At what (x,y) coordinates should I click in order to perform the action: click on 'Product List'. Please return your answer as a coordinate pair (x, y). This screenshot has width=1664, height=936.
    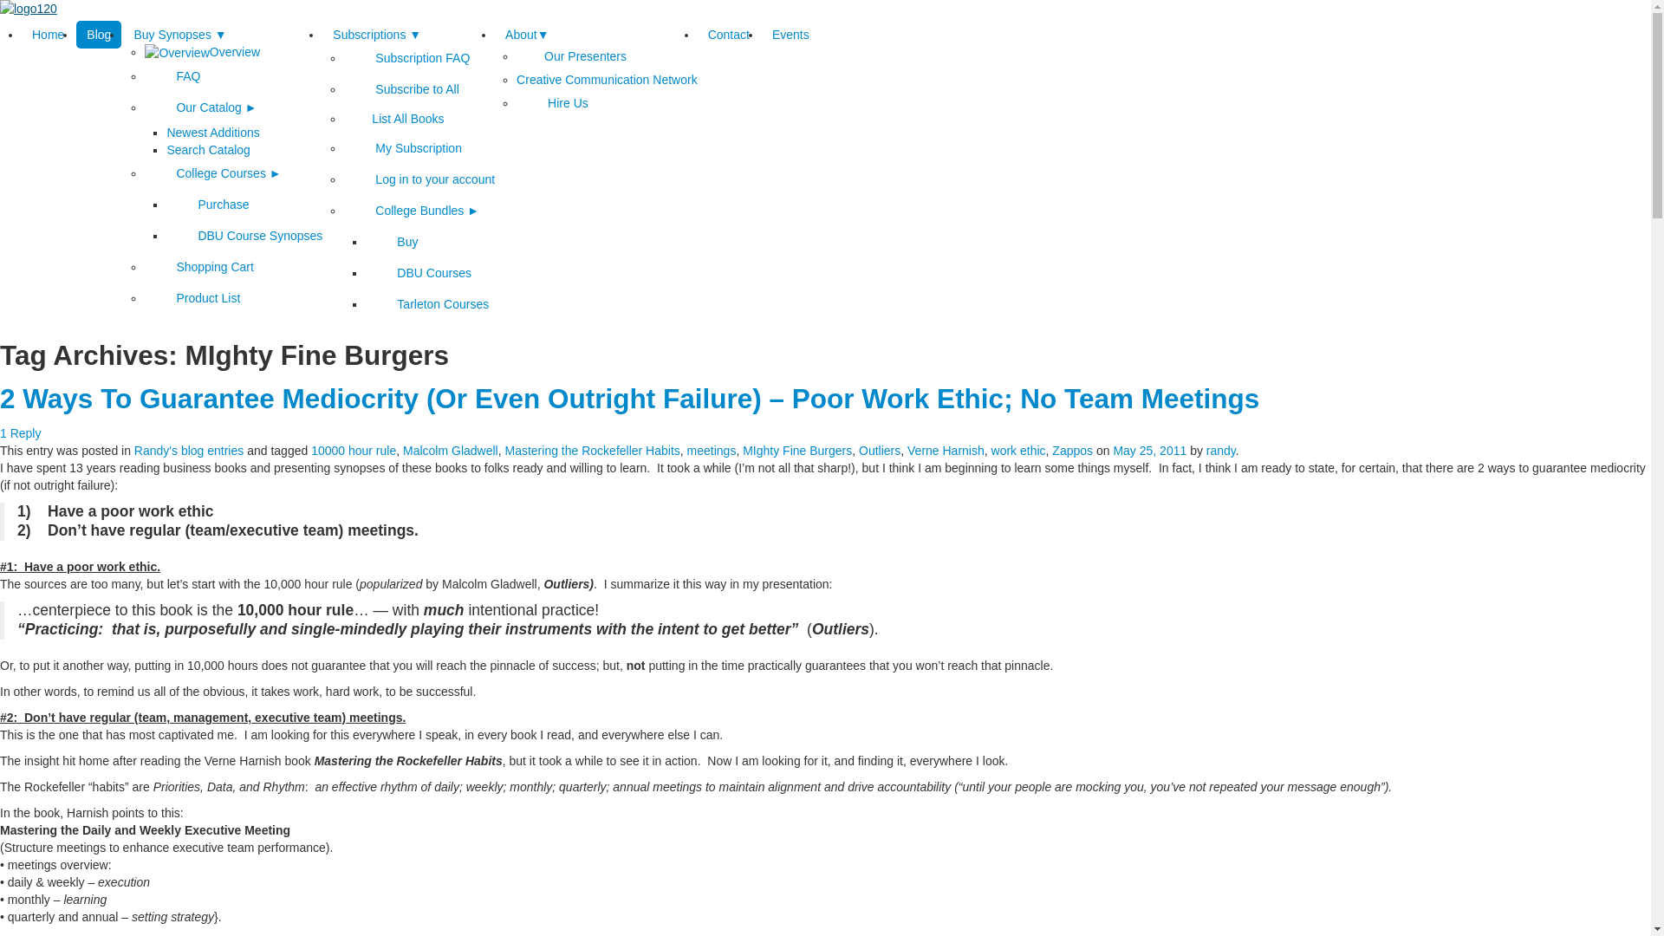
    Looking at the image, I should click on (145, 296).